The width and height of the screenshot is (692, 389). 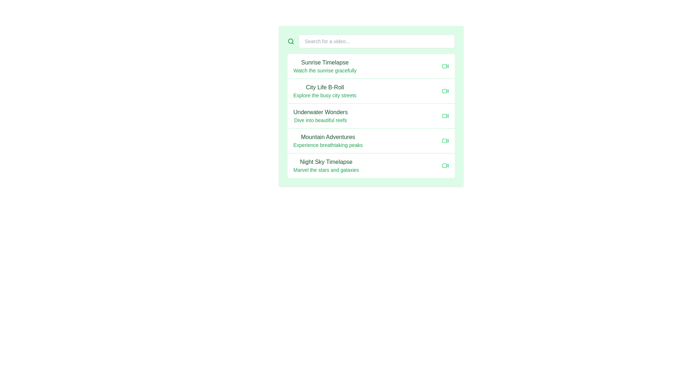 I want to click on the decorative UI shape that serves as an indicator within the 'City Life B-Roll' list entry, which is the second item in the vertical video list, so click(x=444, y=91).